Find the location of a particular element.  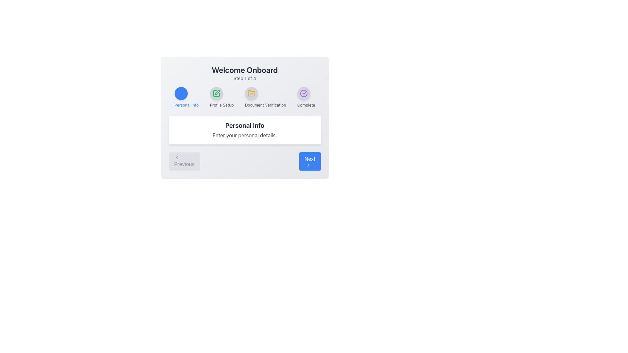

the 'Document Verification' icon, which is the third icon in the horizontal navigation steps at the top of the interface, visually indicating the current onboarding stage is located at coordinates (251, 93).